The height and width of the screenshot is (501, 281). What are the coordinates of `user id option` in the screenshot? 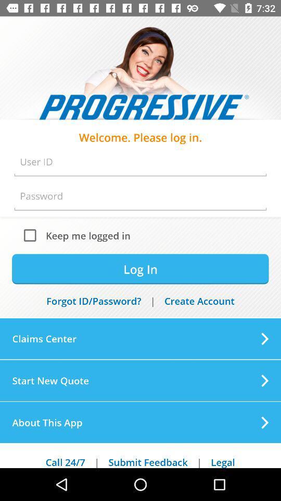 It's located at (140, 162).